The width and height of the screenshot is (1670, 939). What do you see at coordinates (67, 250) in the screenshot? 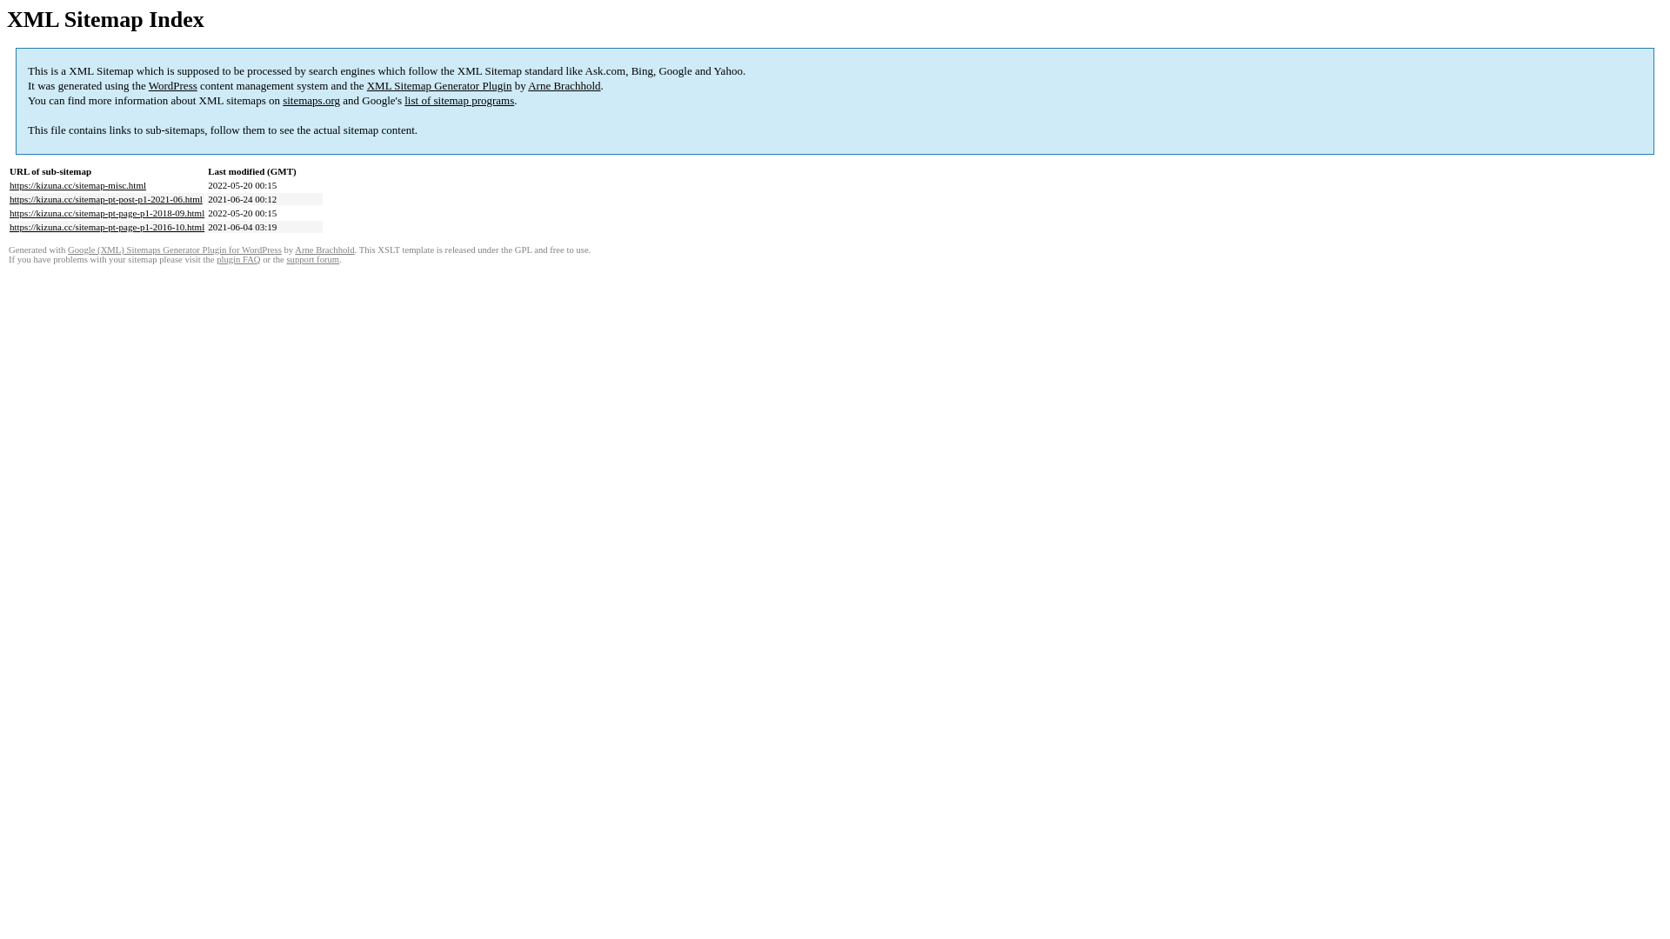
I see `'Google (XML) Sitemaps Generator Plugin for WordPress'` at bounding box center [67, 250].